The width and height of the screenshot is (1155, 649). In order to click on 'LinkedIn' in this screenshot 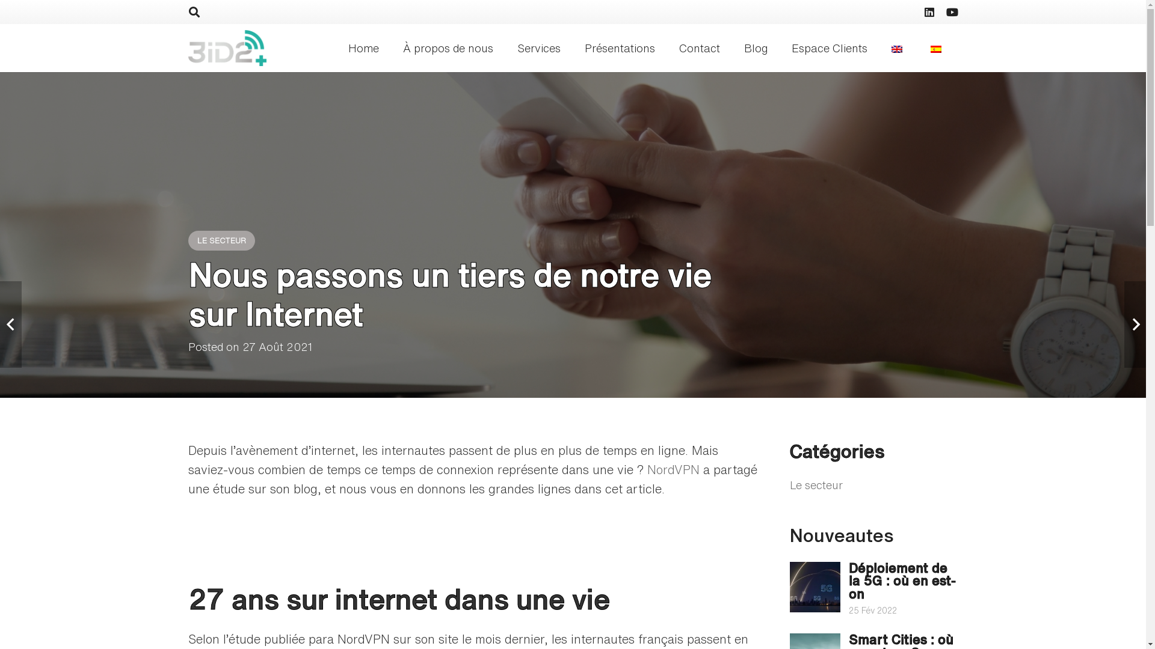, I will do `click(928, 11)`.